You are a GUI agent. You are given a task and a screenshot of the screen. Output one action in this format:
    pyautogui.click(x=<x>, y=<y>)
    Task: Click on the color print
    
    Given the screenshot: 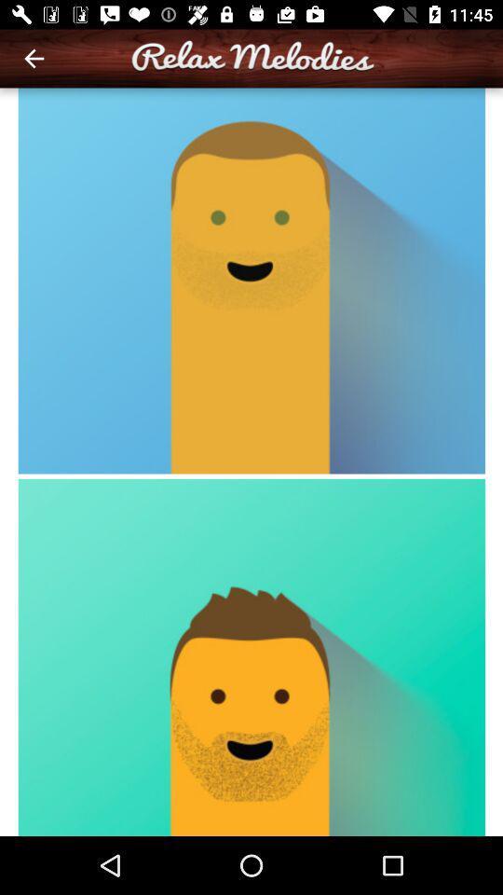 What is the action you would take?
    pyautogui.click(x=251, y=461)
    